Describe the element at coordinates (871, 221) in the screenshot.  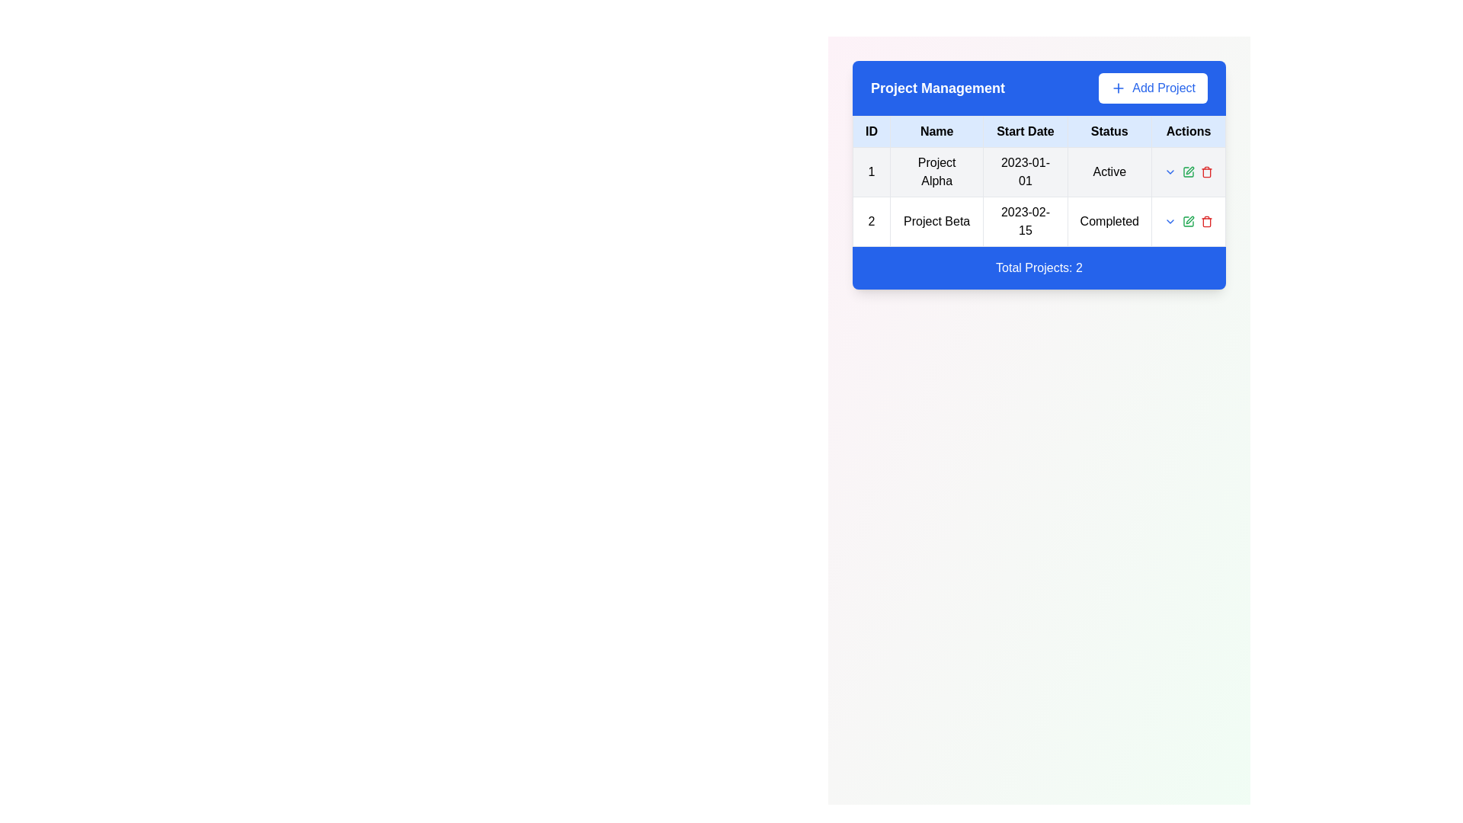
I see `on the text label displaying the number '2' in the first column of the second row of the table under the 'Project Management' header for 'Project Beta'` at that location.